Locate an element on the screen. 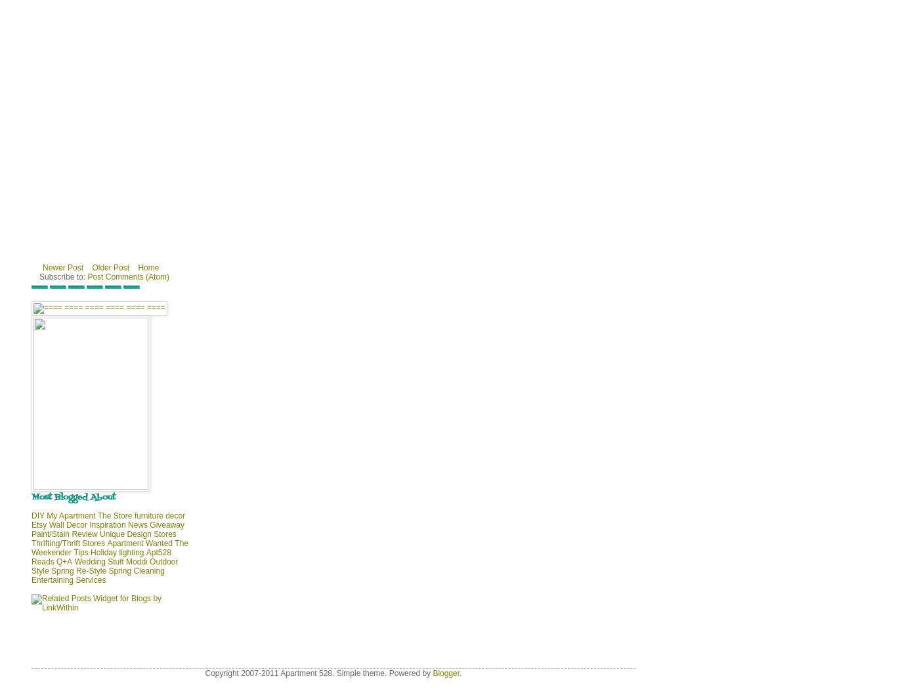 This screenshot has width=902, height=699. '.' is located at coordinates (460, 673).